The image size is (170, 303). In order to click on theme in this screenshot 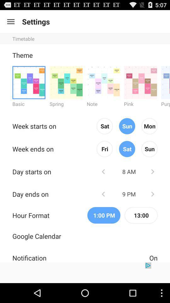, I will do `click(66, 82)`.